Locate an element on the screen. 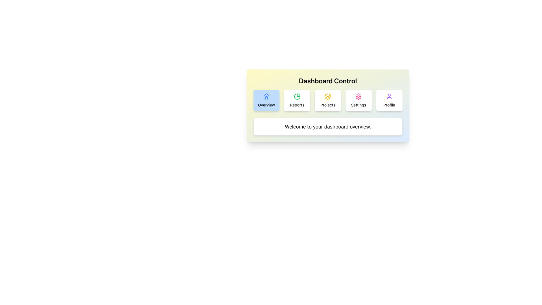 The image size is (542, 305). the pink gear icon located centrally within the 'Settings' button is located at coordinates (358, 96).